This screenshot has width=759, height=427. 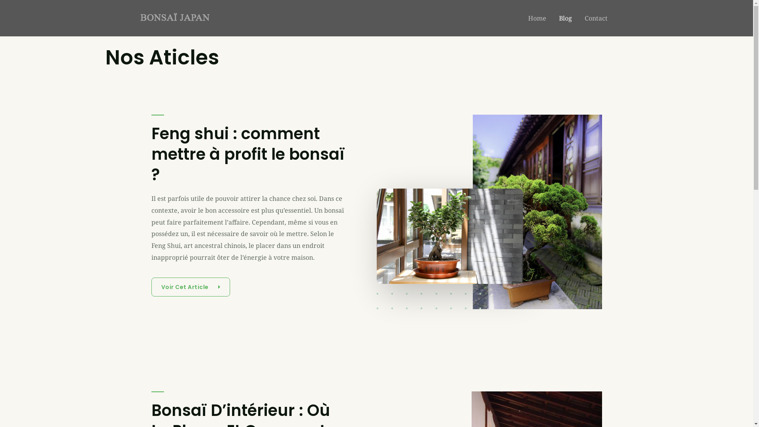 What do you see at coordinates (537, 18) in the screenshot?
I see `'Home'` at bounding box center [537, 18].